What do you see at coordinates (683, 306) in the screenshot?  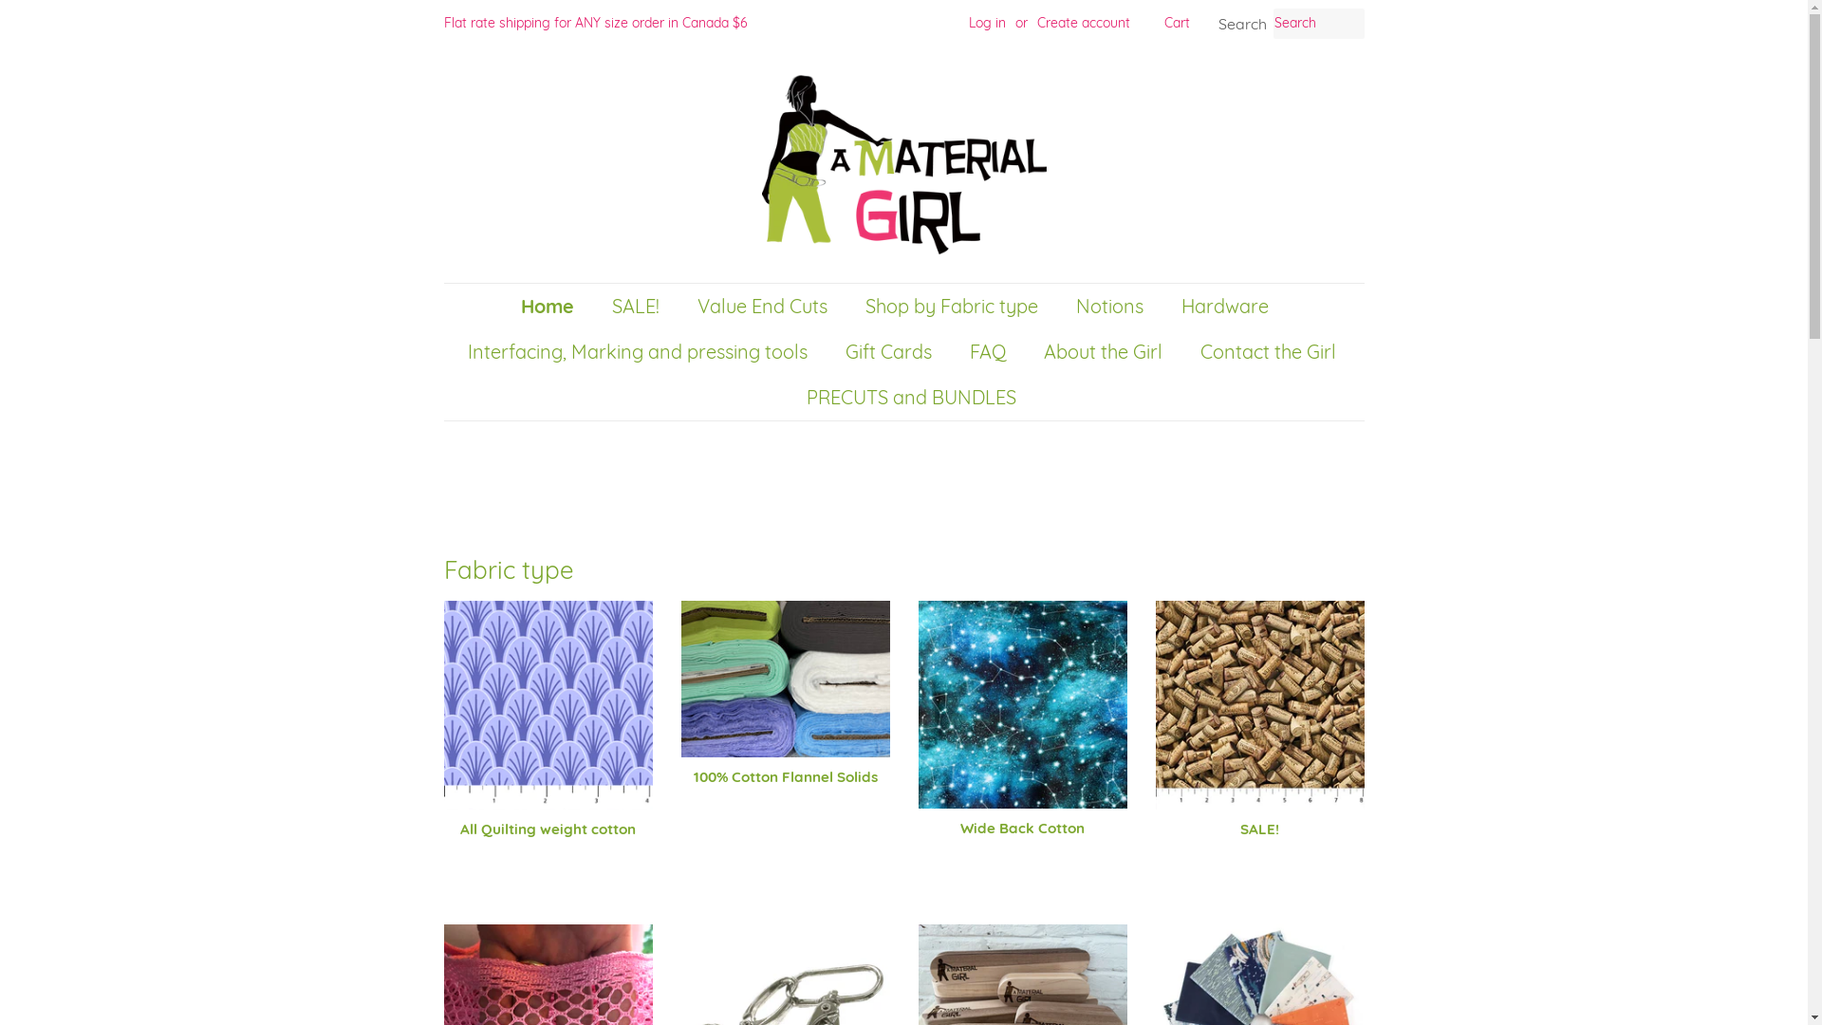 I see `'Value End Cuts'` at bounding box center [683, 306].